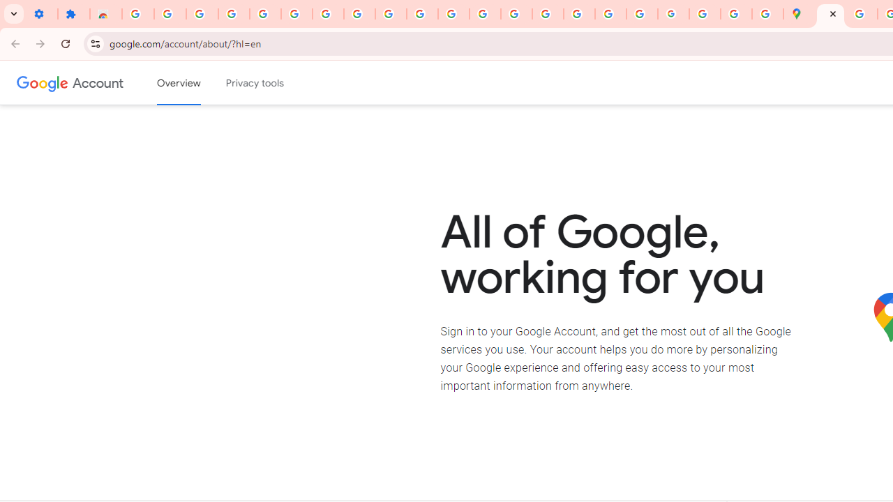  I want to click on 'Privacy Help Center - Policies Help', so click(547, 14).